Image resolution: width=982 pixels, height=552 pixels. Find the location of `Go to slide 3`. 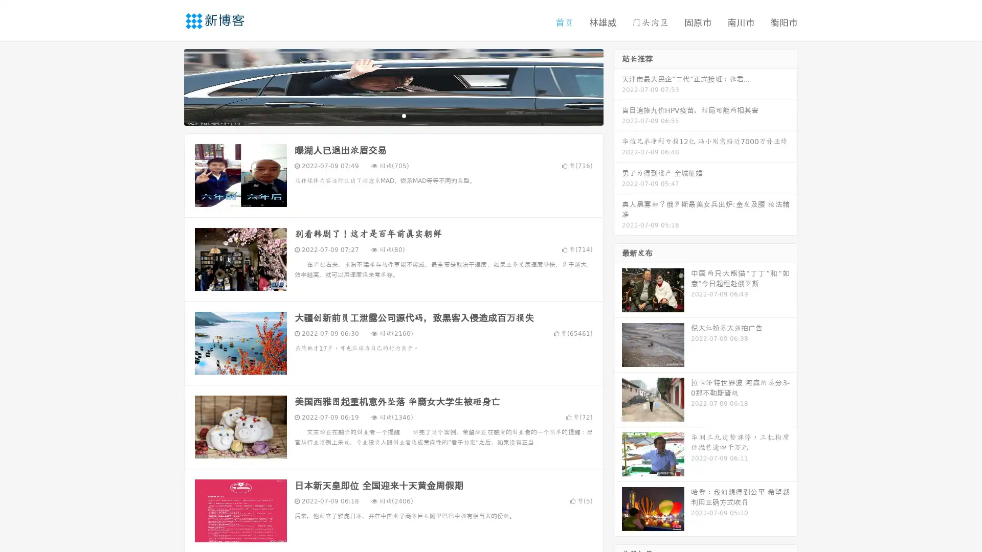

Go to slide 3 is located at coordinates (404, 115).